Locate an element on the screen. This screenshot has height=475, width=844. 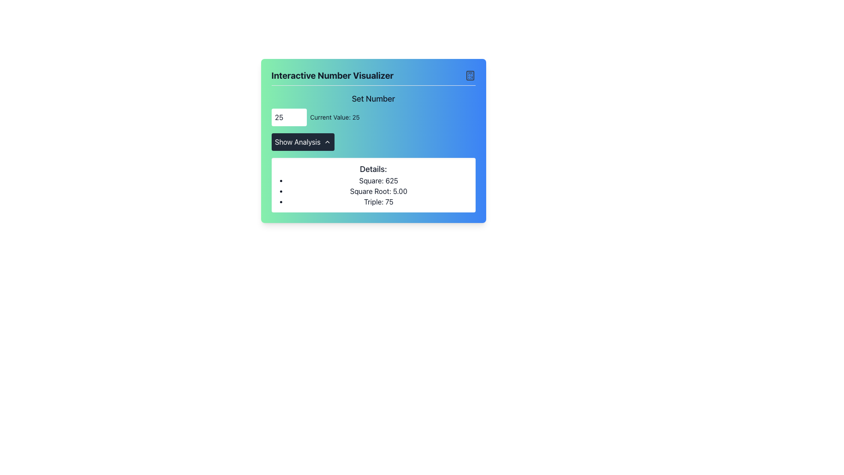
the chevron icon located immediately to the right of the 'Show Analysis' button is located at coordinates (327, 142).